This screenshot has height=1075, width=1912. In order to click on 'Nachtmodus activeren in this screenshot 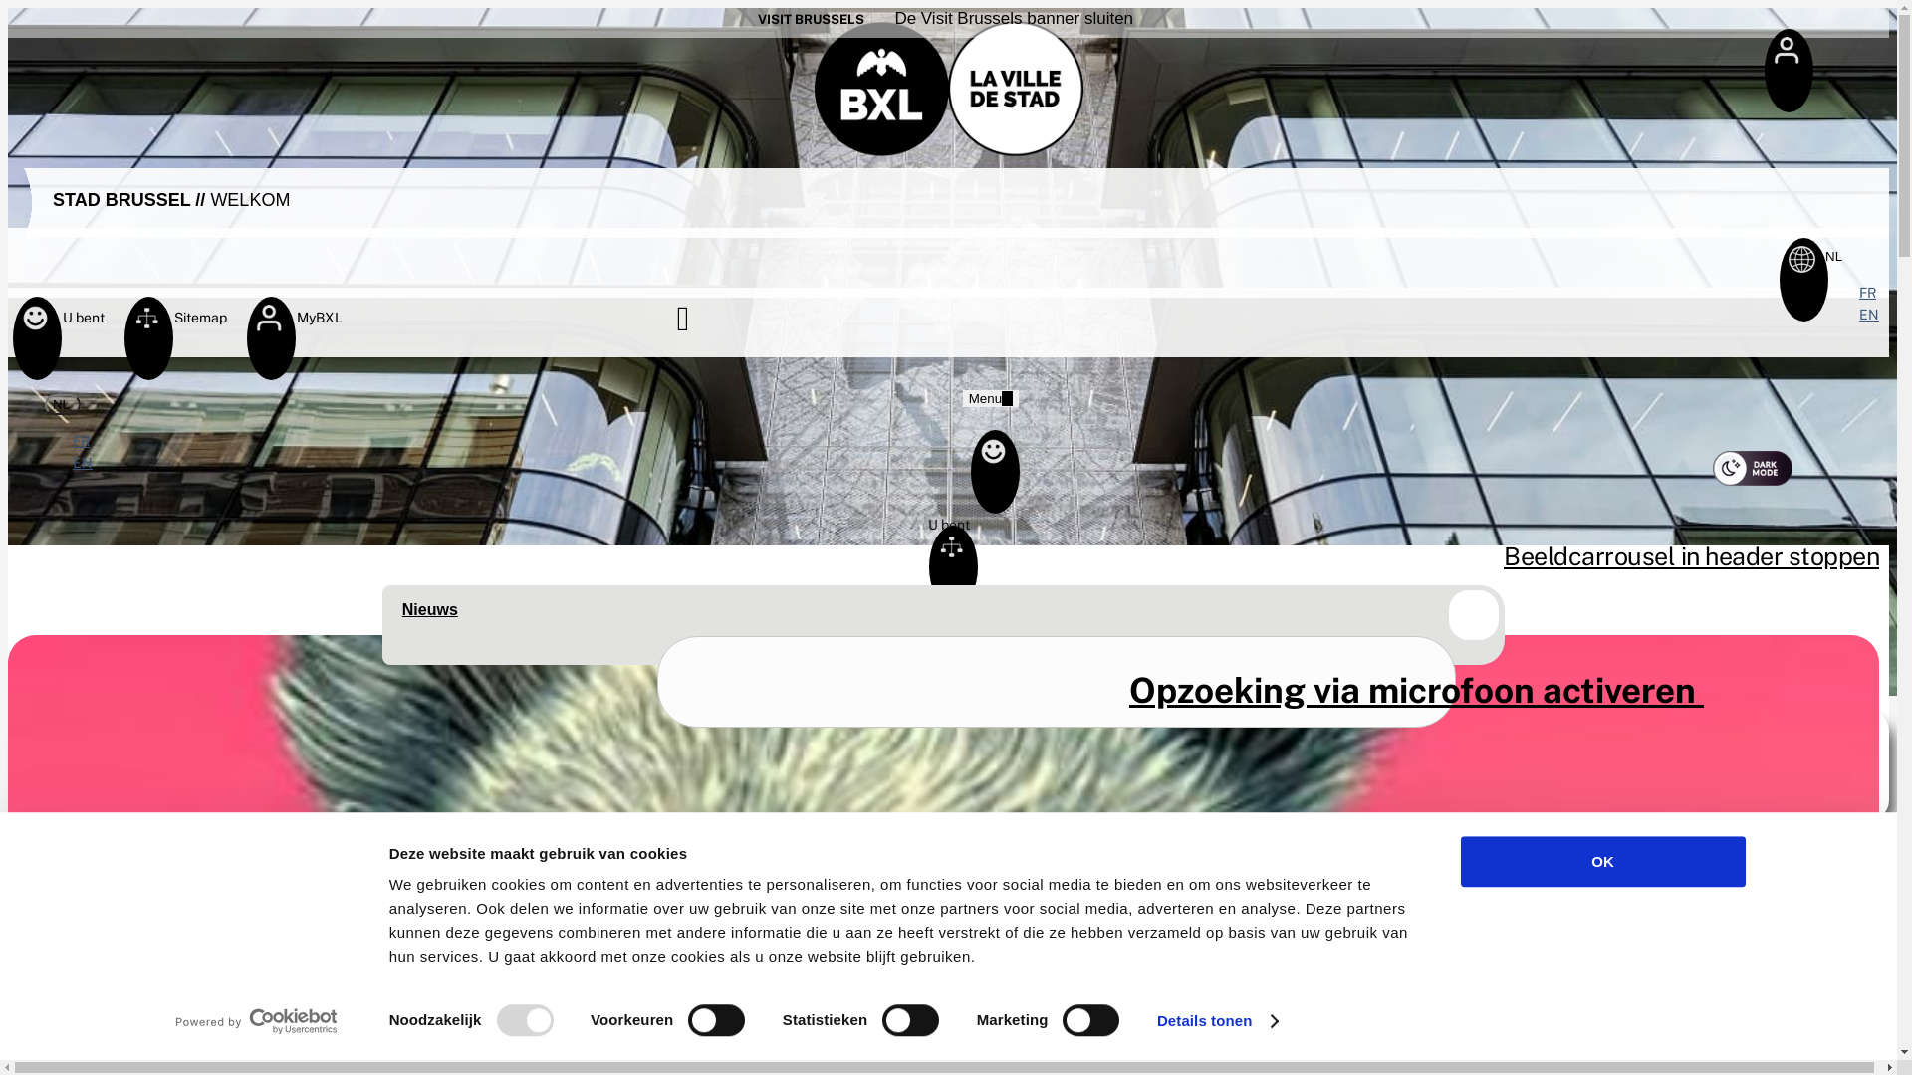, I will do `click(1711, 468)`.